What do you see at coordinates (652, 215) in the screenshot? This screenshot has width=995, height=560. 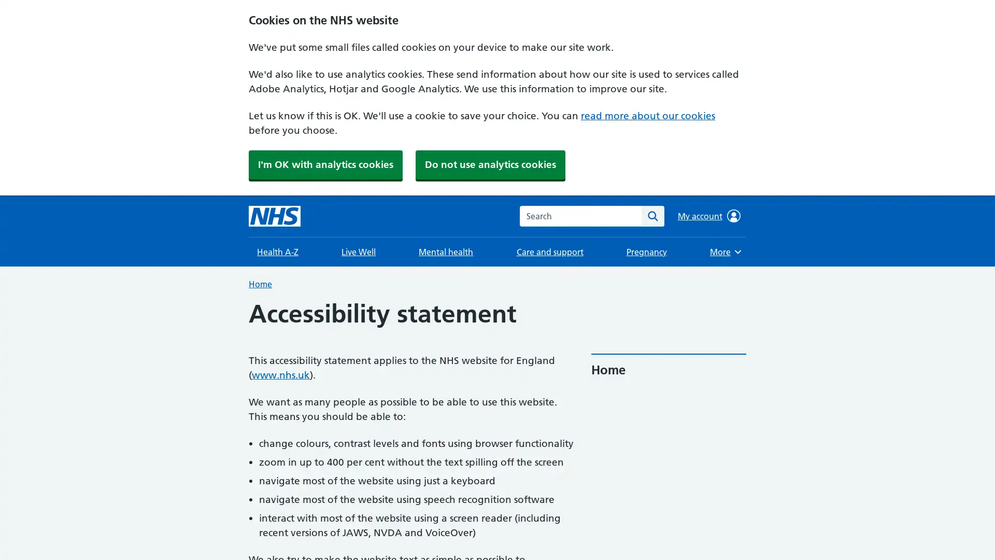 I see `Search` at bounding box center [652, 215].